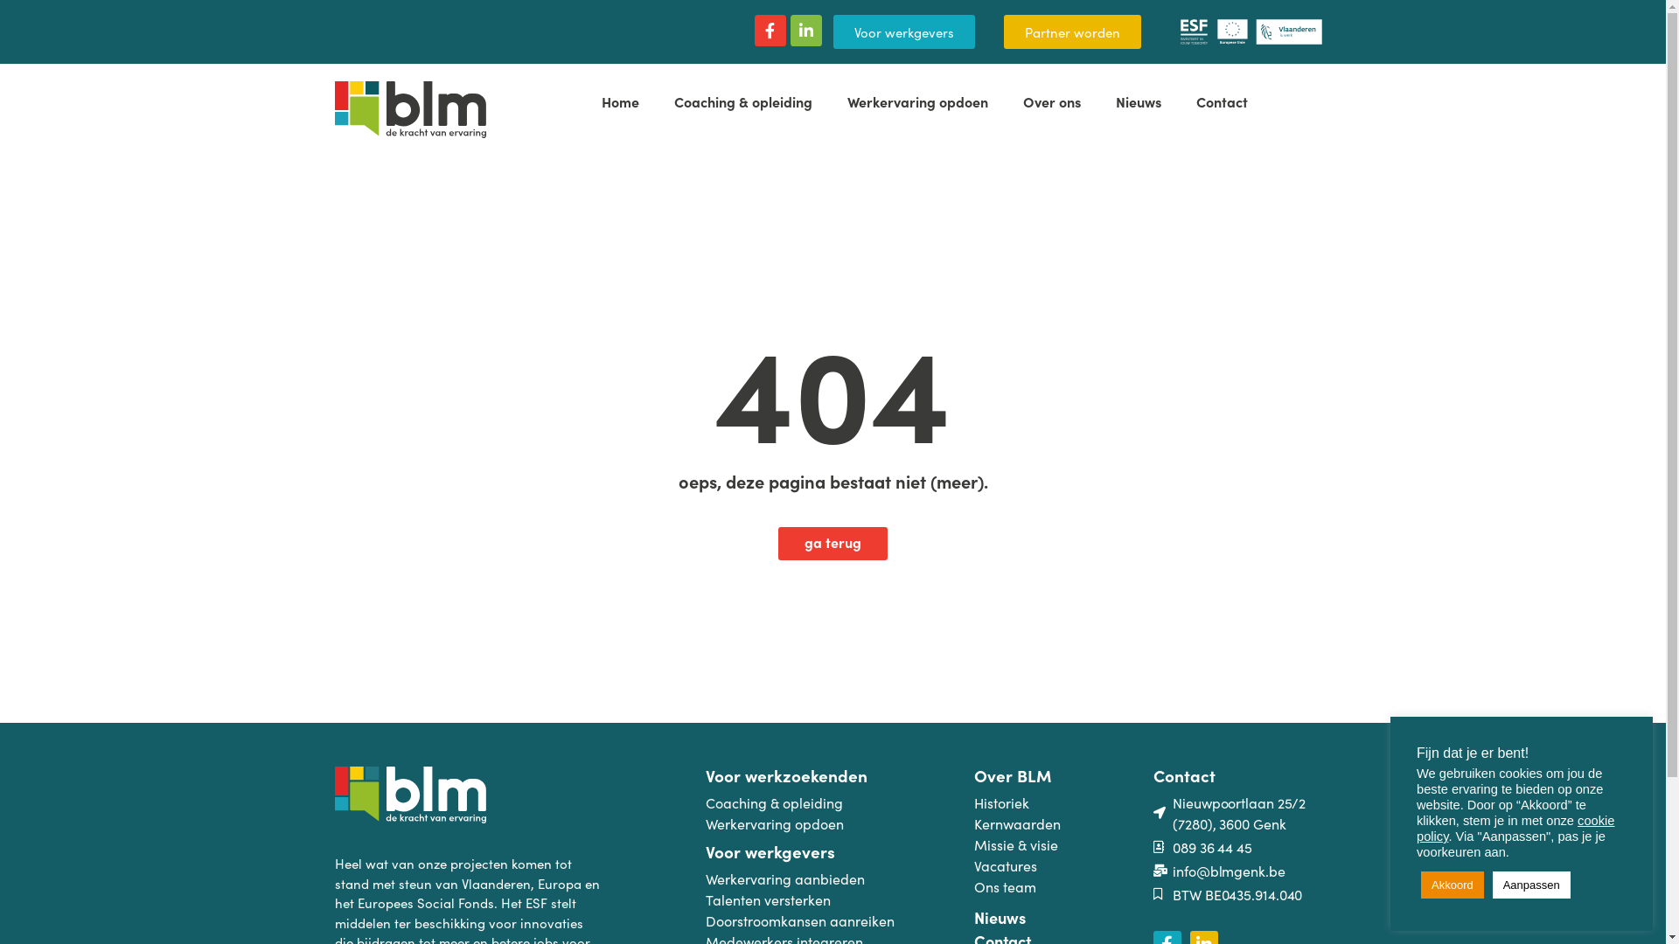 The width and height of the screenshot is (1679, 944). Describe the element at coordinates (1241, 845) in the screenshot. I see `'089 36 44 45'` at that location.